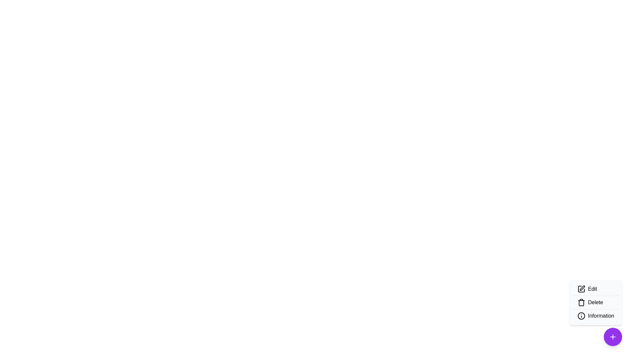 This screenshot has height=354, width=630. What do you see at coordinates (581, 289) in the screenshot?
I see `the left-most rectangular icon representing a pen and square, used for editing actions, located in the lower-right menu of the interface` at bounding box center [581, 289].